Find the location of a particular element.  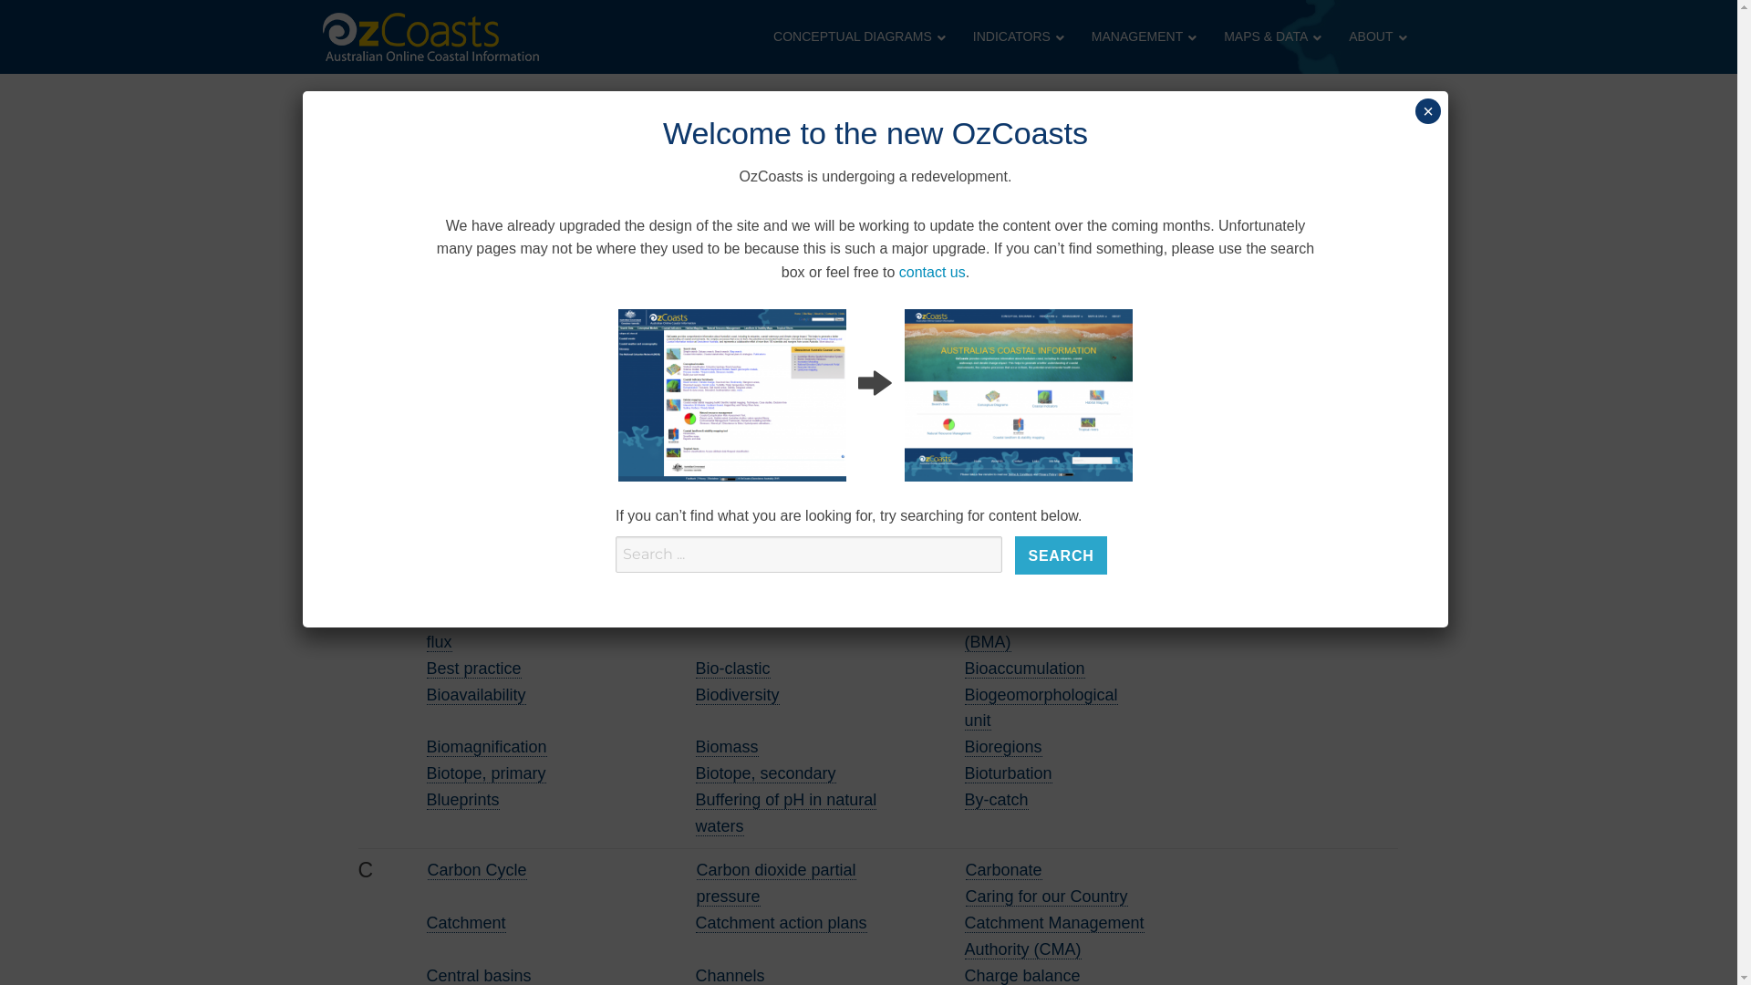

'INDICATORS' is located at coordinates (1013, 36).